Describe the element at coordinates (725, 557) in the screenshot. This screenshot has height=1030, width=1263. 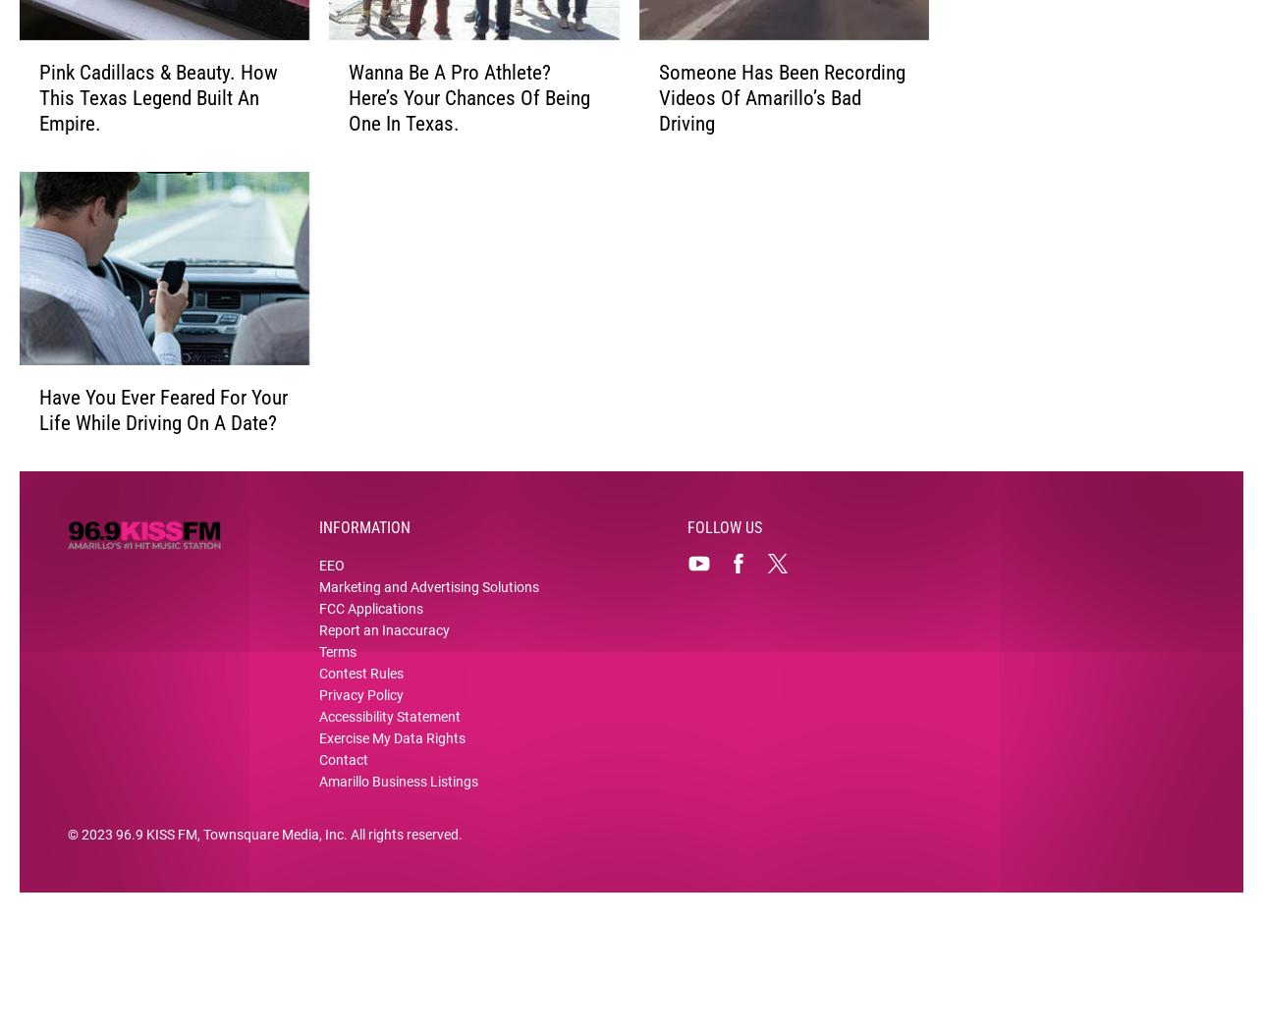
I see `'Follow Us'` at that location.